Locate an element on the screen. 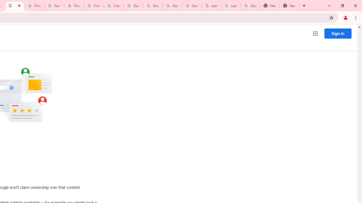  'Google Account' is located at coordinates (250, 6).